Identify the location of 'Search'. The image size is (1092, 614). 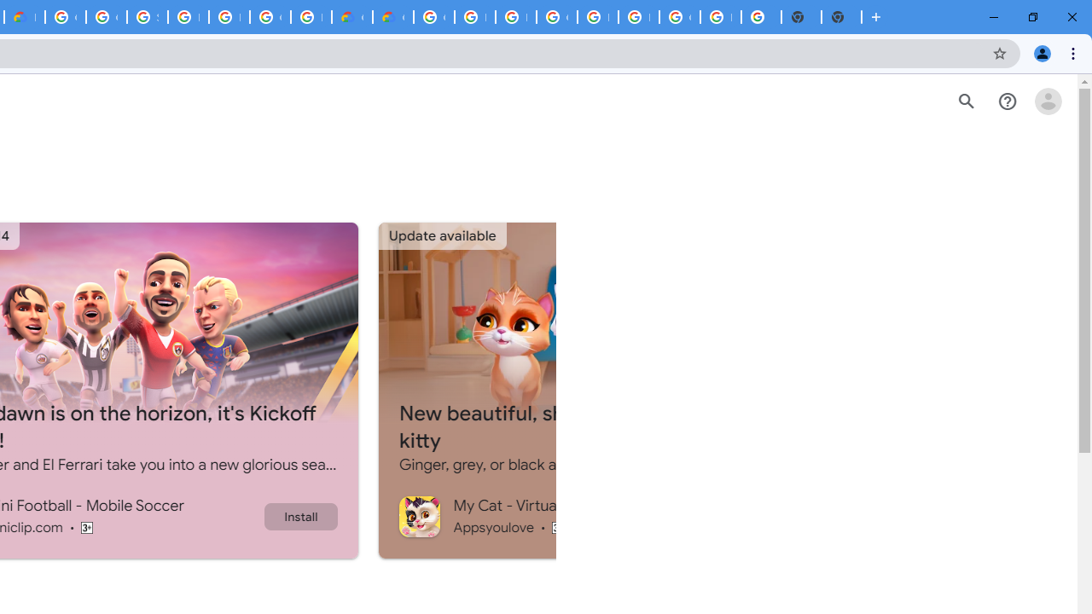
(966, 101).